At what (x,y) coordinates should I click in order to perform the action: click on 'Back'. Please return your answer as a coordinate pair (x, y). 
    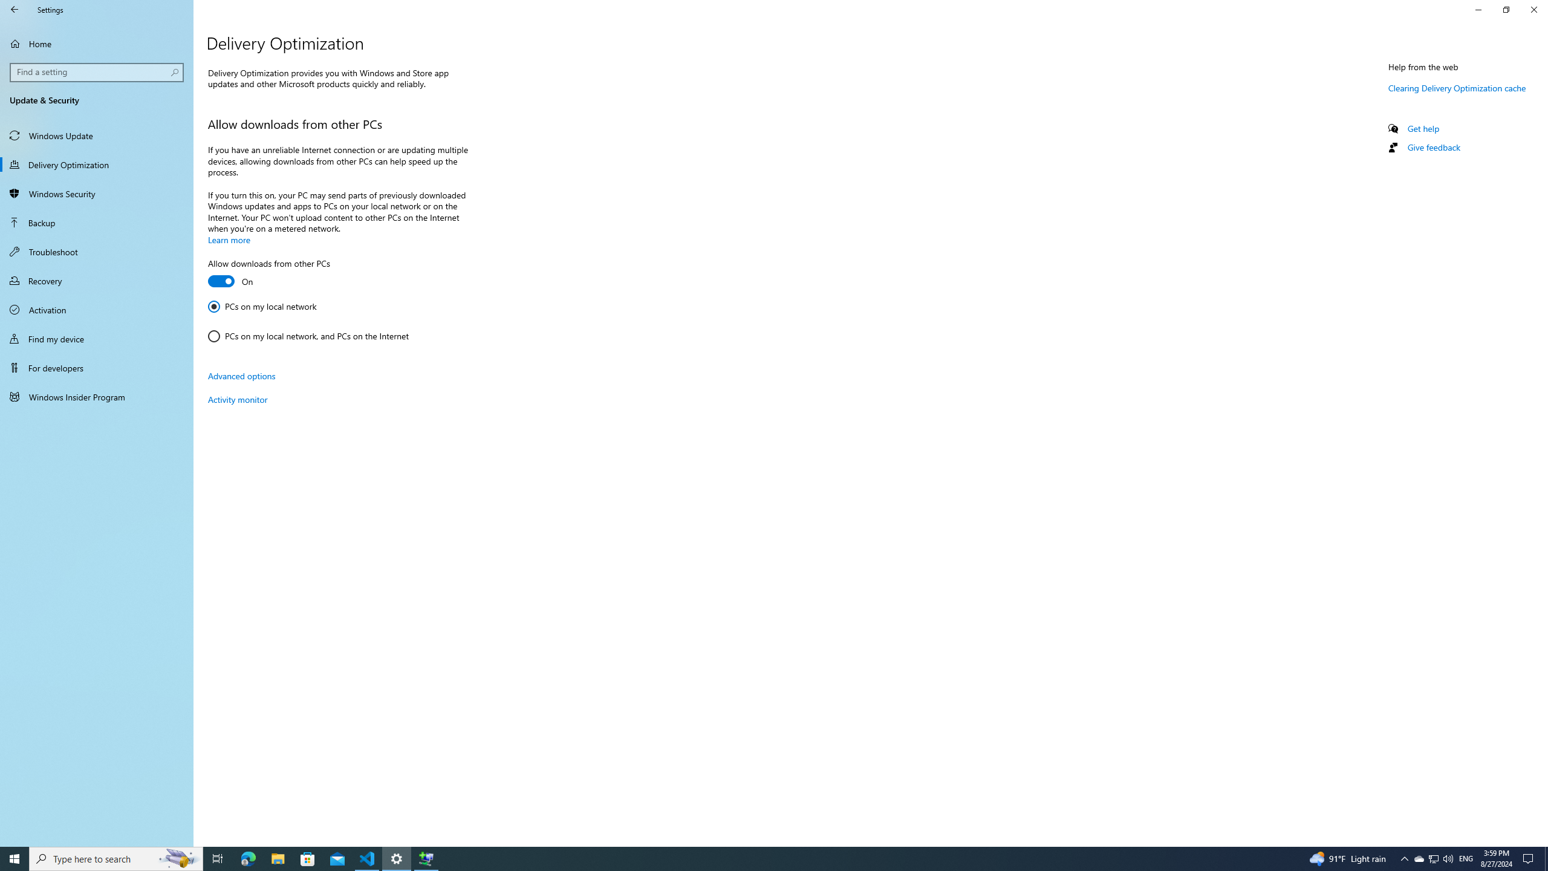
    Looking at the image, I should click on (15, 9).